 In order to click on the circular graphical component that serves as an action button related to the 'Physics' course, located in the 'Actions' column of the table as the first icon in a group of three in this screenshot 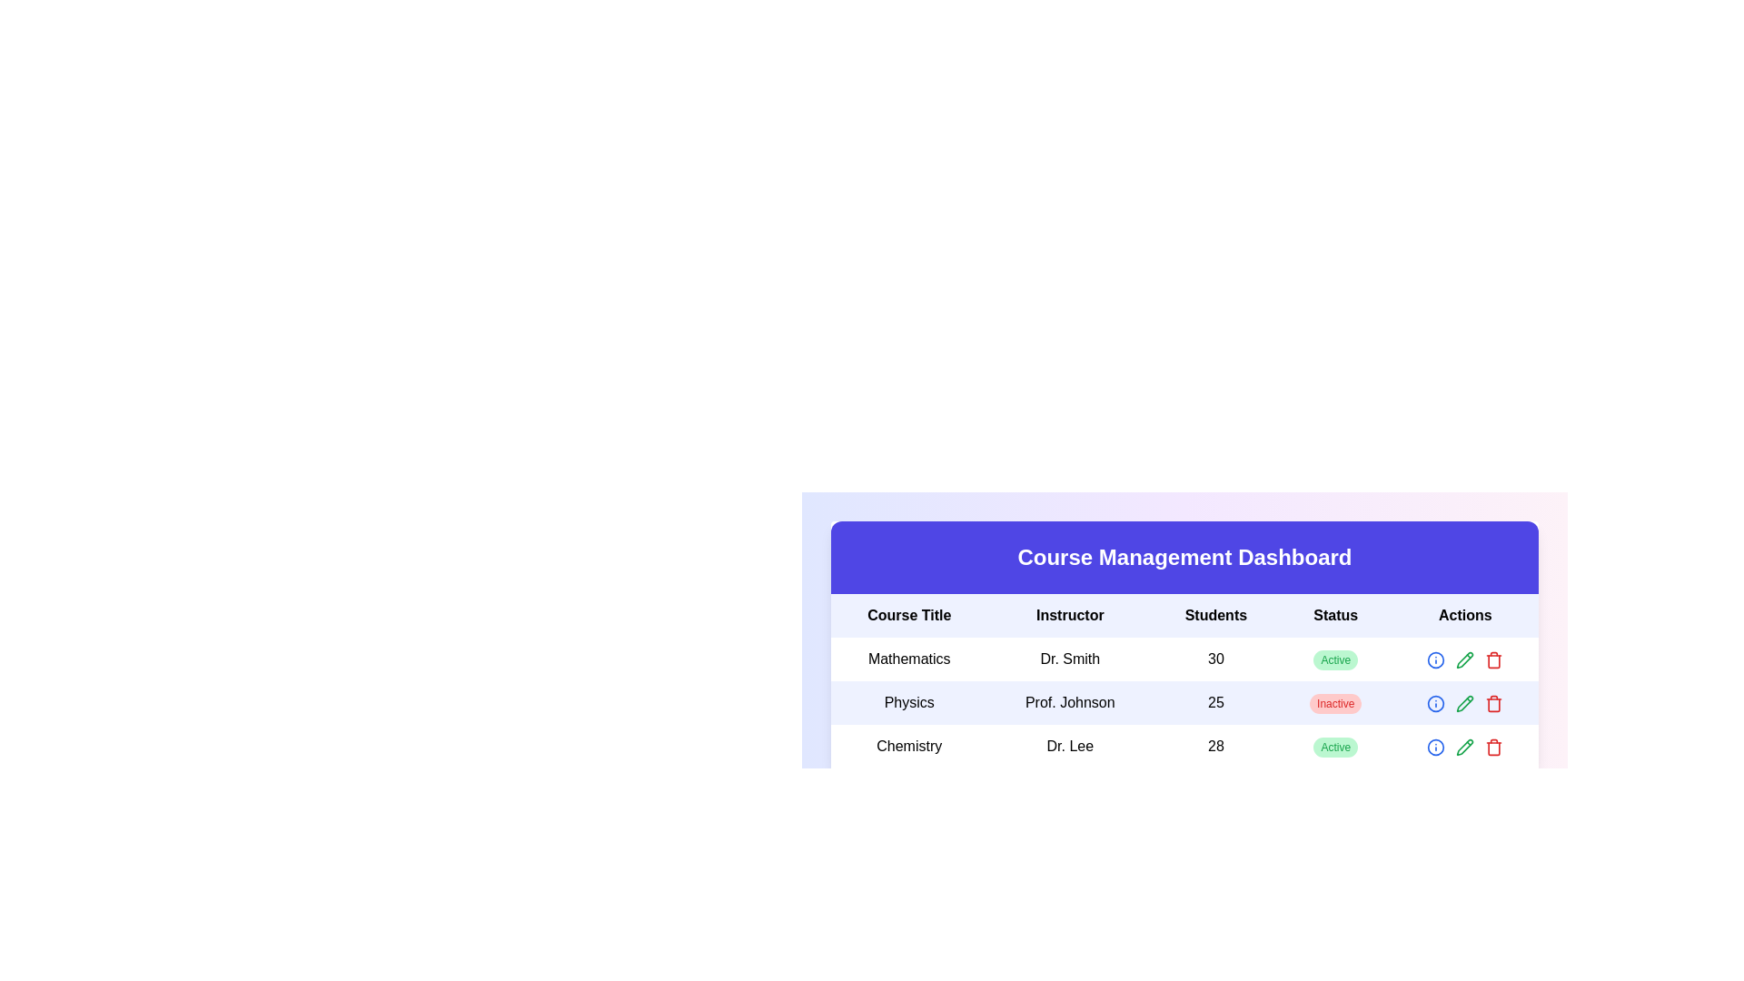, I will do `click(1435, 702)`.